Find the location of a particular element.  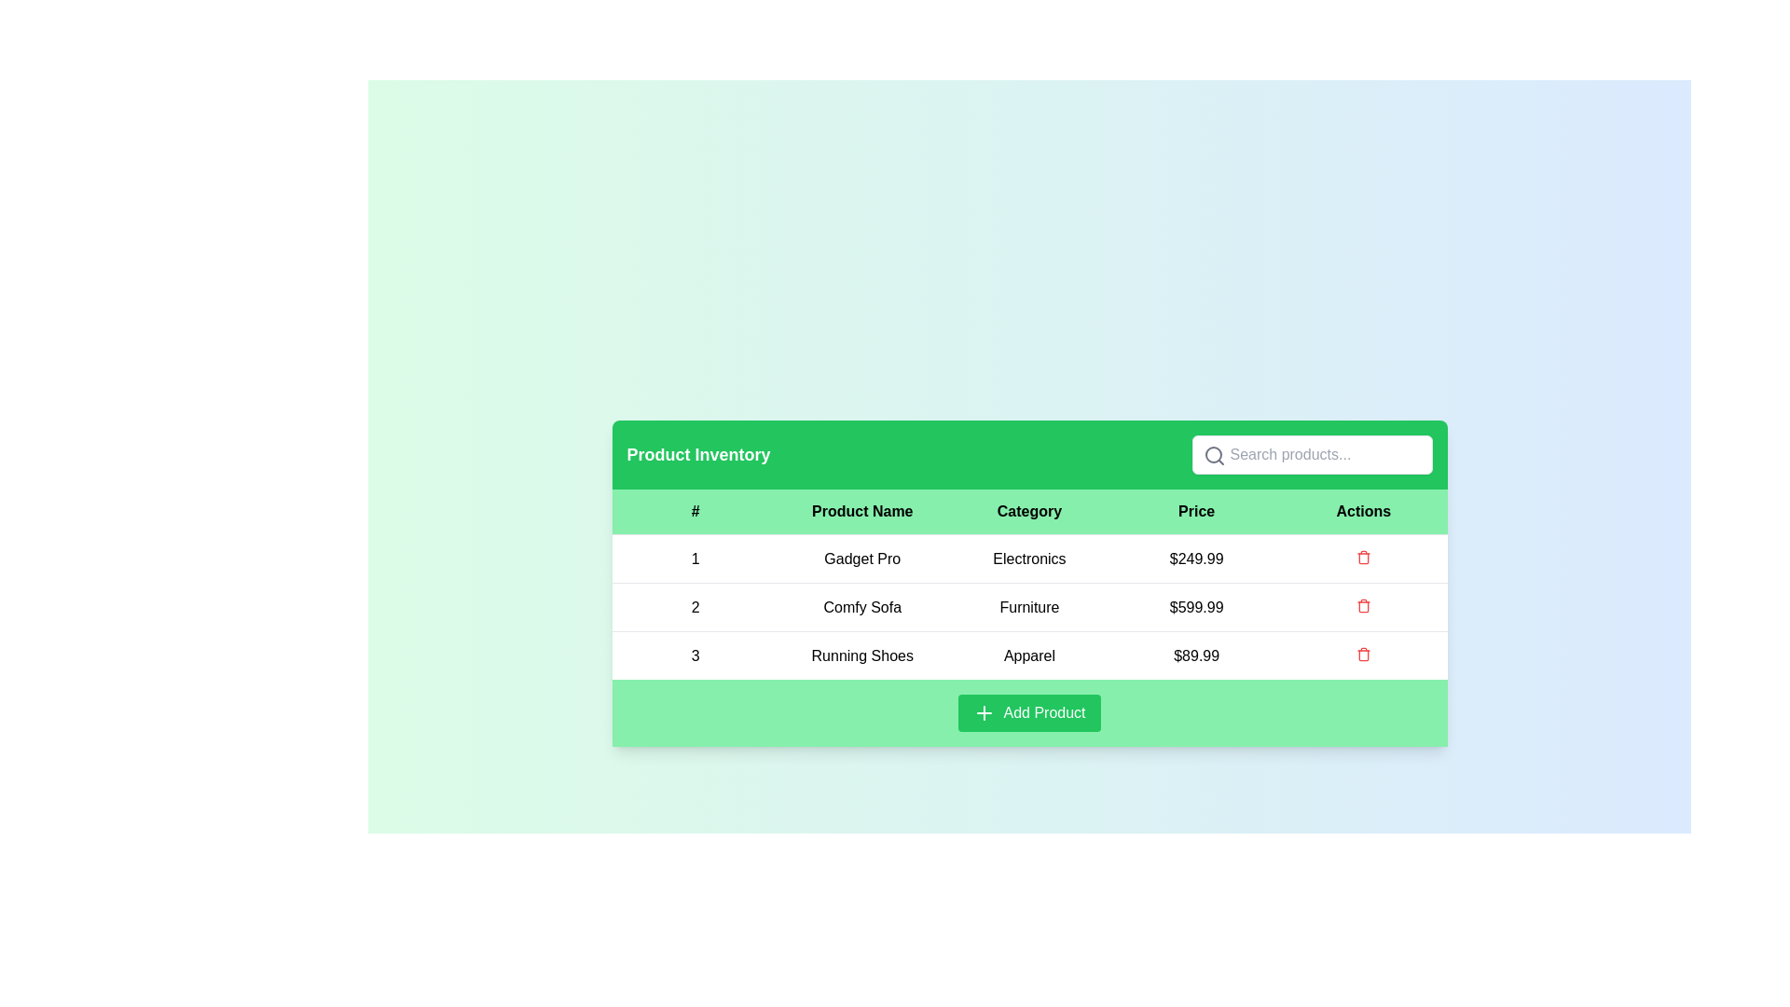

the static text element that displays the name of the first product item in the inventory list, located in the second cell of the first row of the product table is located at coordinates (861, 558).